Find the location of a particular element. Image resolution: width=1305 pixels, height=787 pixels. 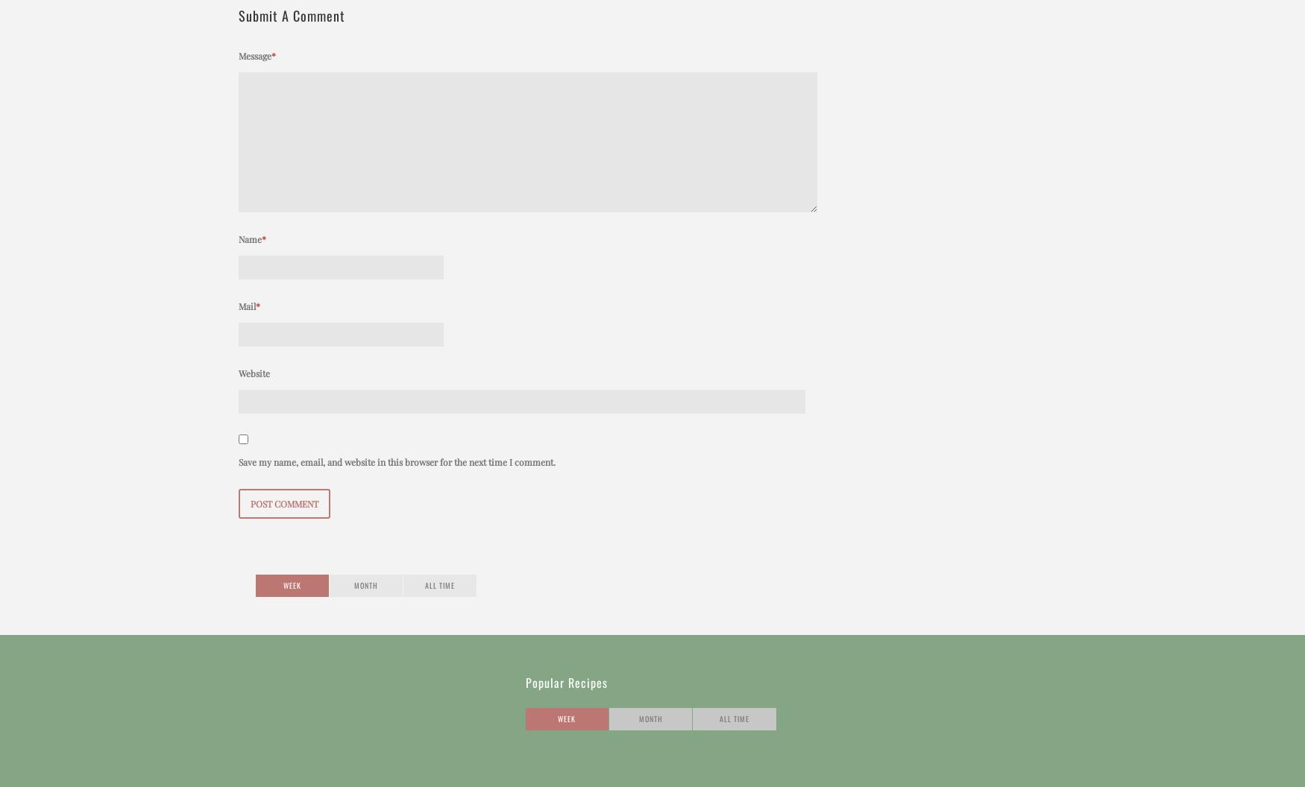

'Submit a Comment' is located at coordinates (239, 14).